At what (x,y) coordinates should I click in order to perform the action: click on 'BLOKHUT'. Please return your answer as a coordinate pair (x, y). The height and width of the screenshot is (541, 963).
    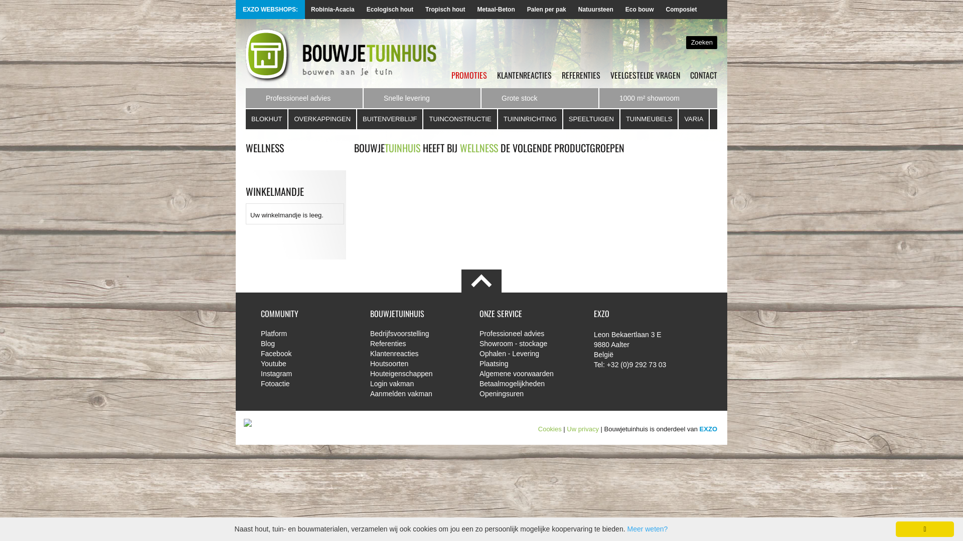
    Looking at the image, I should click on (245, 119).